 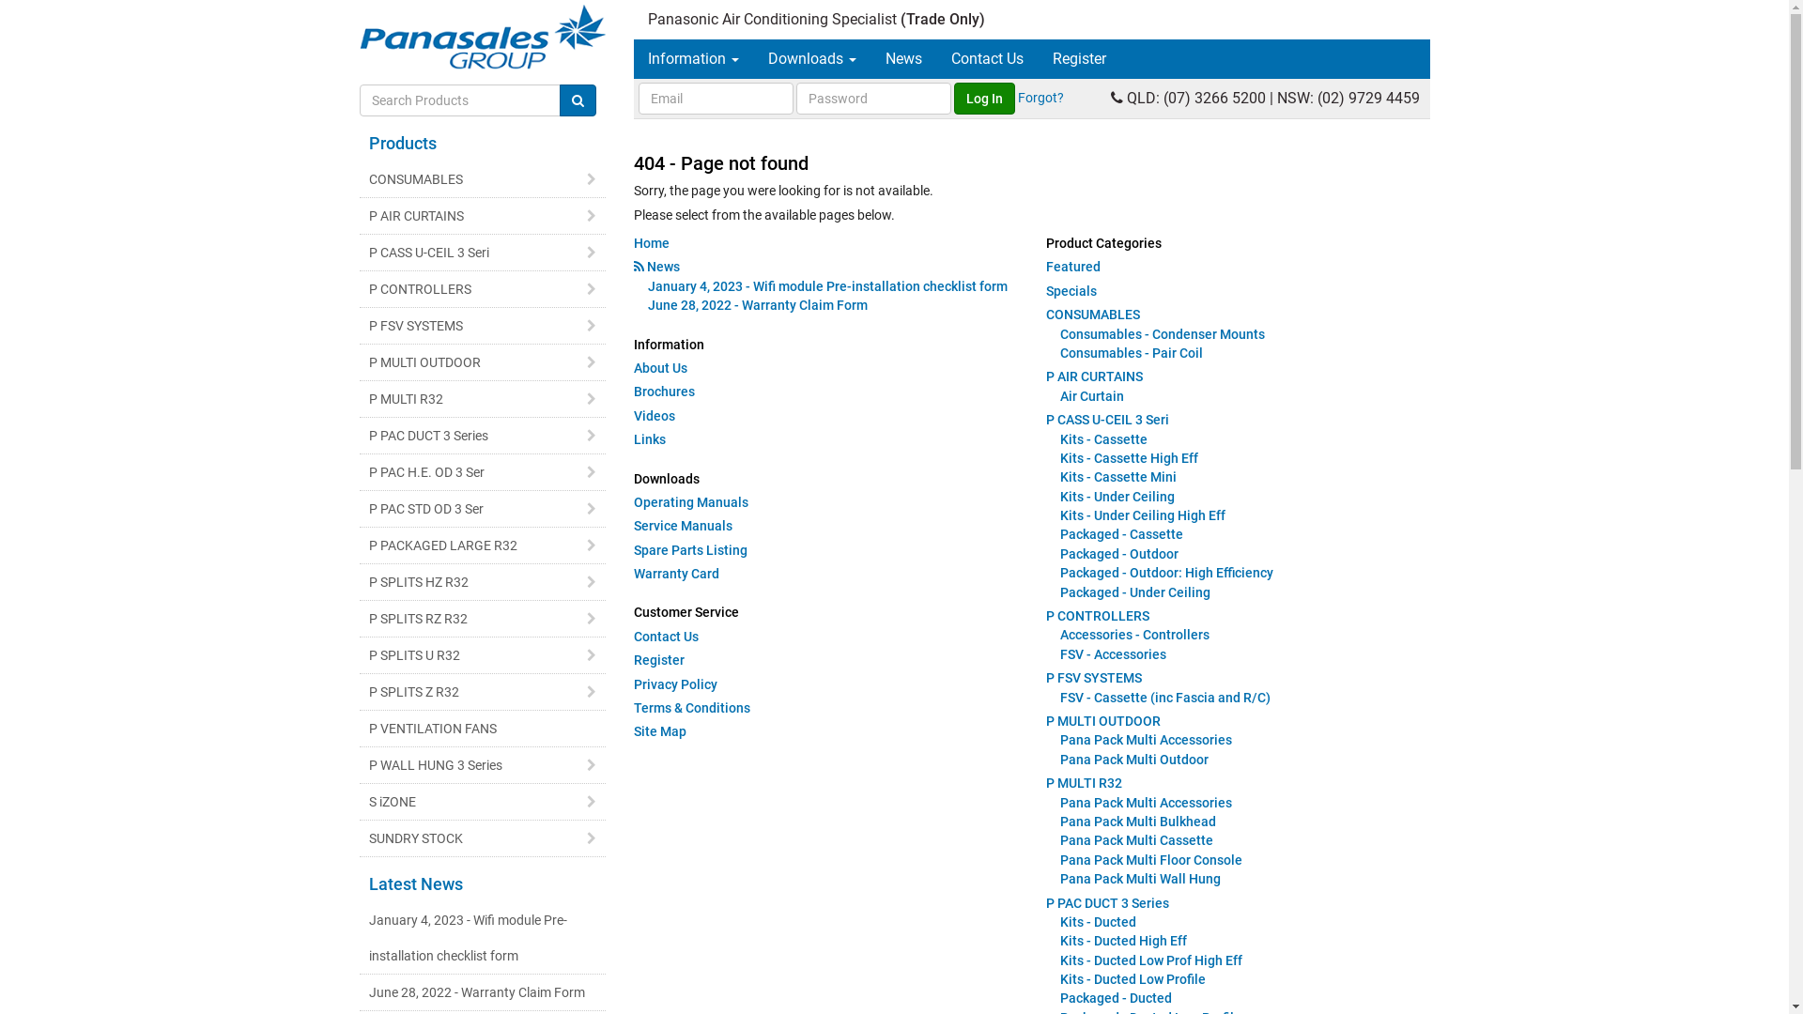 What do you see at coordinates (482, 37) in the screenshot?
I see `'Panasales Group Home'` at bounding box center [482, 37].